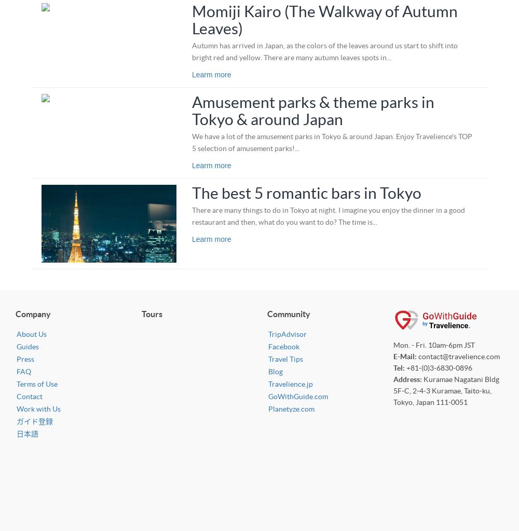 This screenshot has height=531, width=519. Describe the element at coordinates (324, 51) in the screenshot. I see `'Autumn has arrived in Japan, as the colors of the leaves around us start to shift into bright red and yellow. There are many autumn leaves spots in...'` at that location.